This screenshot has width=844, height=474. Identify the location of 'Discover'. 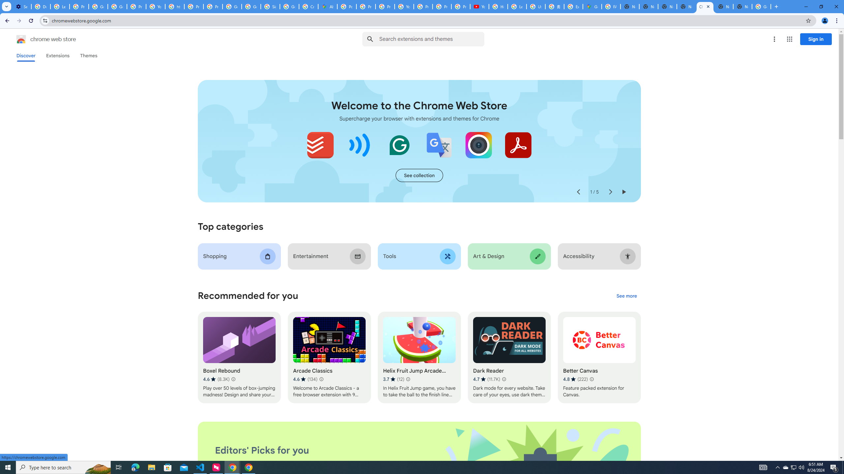
(25, 55).